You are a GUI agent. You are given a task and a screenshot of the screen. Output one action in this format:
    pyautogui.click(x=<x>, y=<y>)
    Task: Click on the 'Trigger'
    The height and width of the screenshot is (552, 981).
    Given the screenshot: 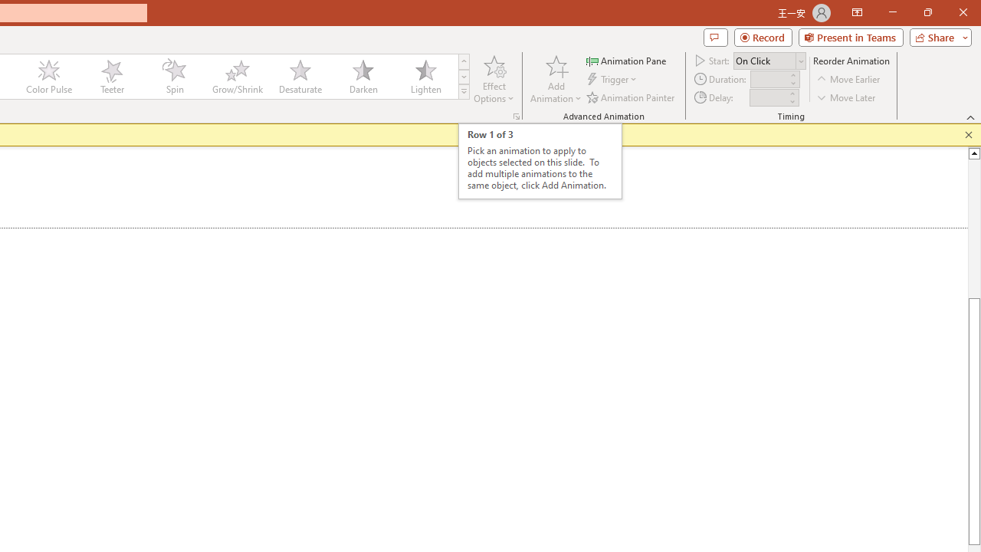 What is the action you would take?
    pyautogui.click(x=613, y=79)
    